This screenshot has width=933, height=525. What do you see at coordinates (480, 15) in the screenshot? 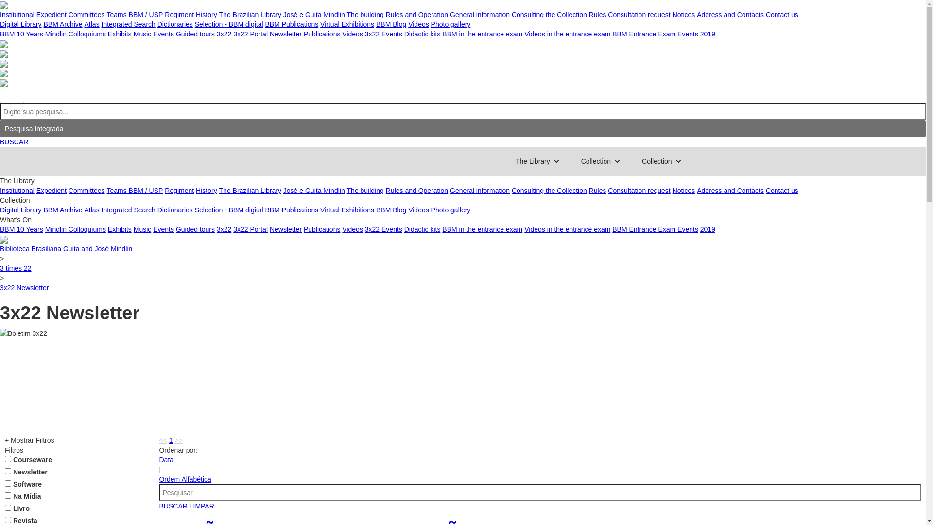
I see `'General information'` at bounding box center [480, 15].